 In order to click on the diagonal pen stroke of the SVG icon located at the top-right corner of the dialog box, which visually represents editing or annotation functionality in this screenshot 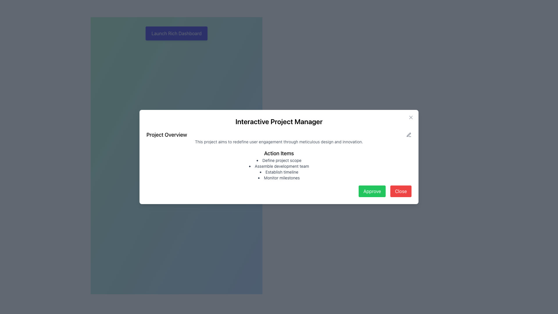, I will do `click(408, 135)`.